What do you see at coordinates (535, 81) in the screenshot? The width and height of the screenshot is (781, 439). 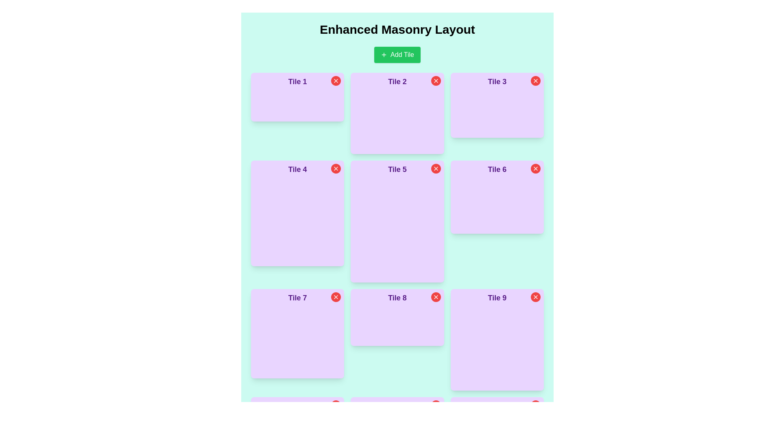 I see `the circular red button with a white 'X' icon located in the top-right corner of 'Tile 3'` at bounding box center [535, 81].